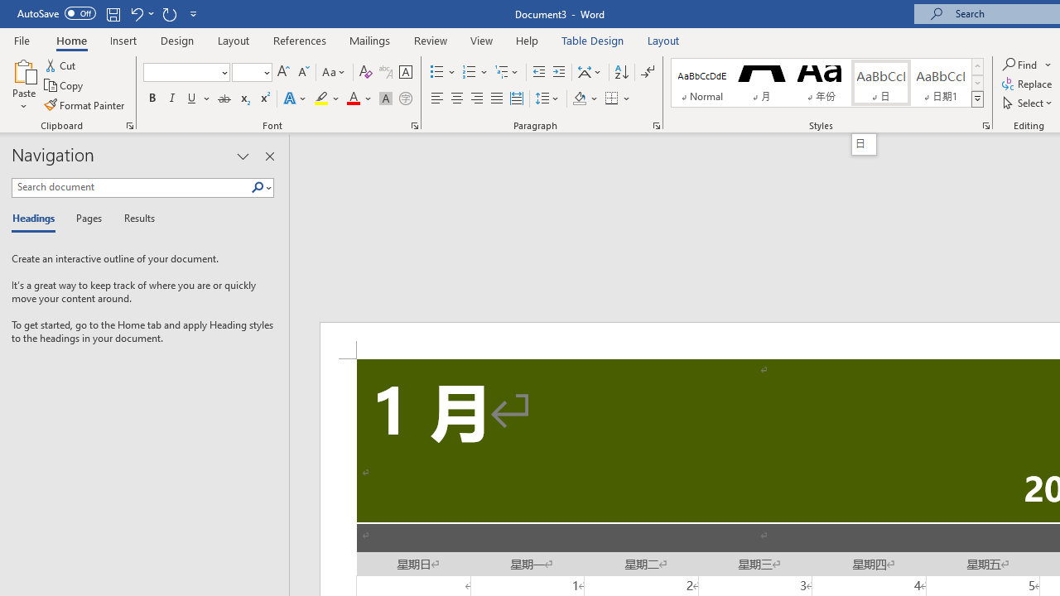  Describe the element at coordinates (437, 99) in the screenshot. I see `'Align Left'` at that location.